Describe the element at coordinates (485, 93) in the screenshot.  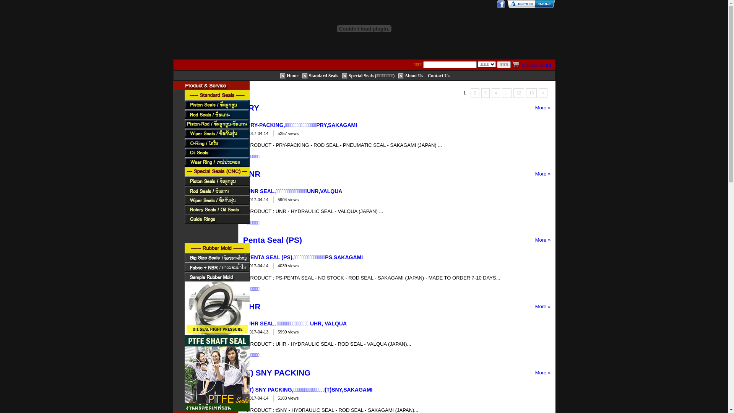
I see `'3'` at that location.